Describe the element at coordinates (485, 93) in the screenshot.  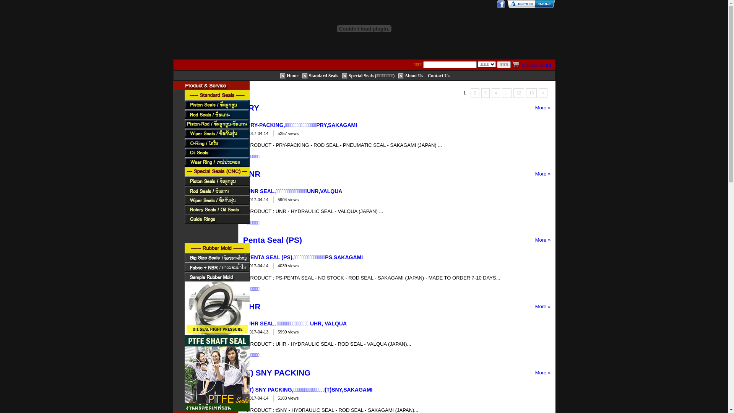
I see `'3'` at that location.